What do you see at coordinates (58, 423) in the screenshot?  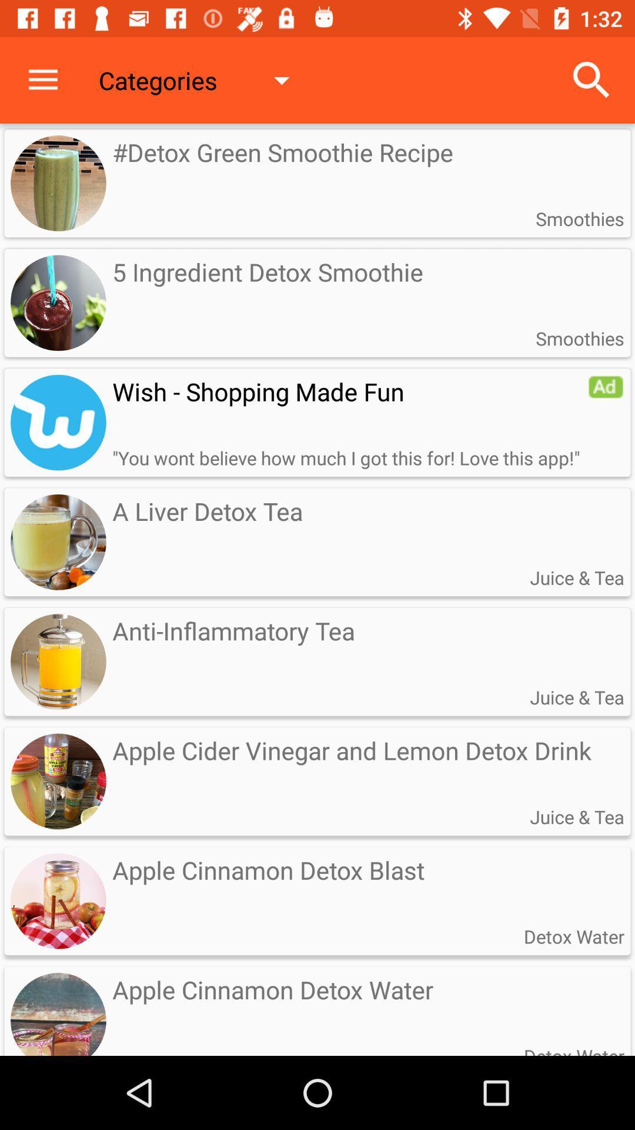 I see `open advertisement` at bounding box center [58, 423].